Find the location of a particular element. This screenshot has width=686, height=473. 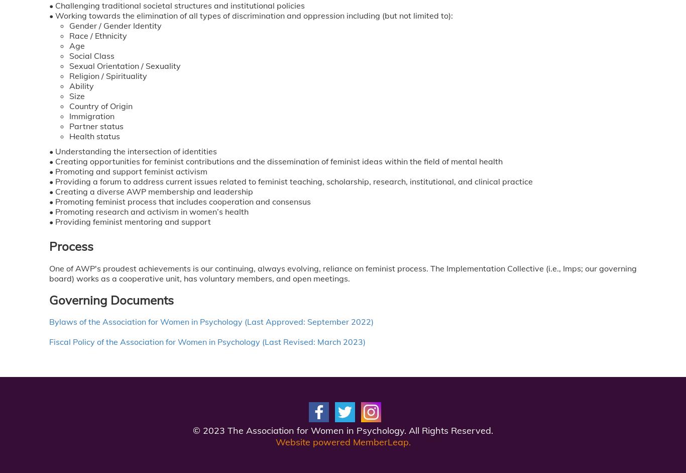

'Partner status' is located at coordinates (68, 125).